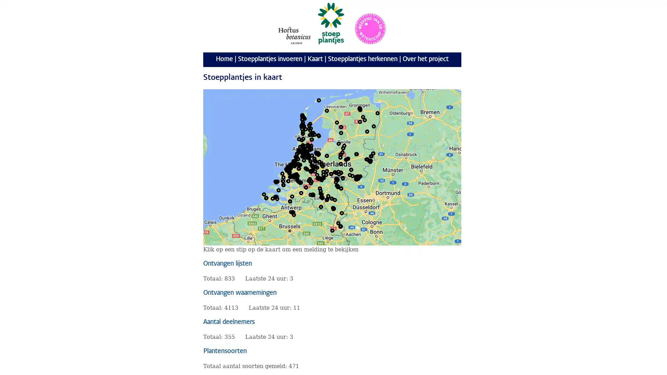  I want to click on Telling van Linda op 09 januari 2022, so click(293, 175).